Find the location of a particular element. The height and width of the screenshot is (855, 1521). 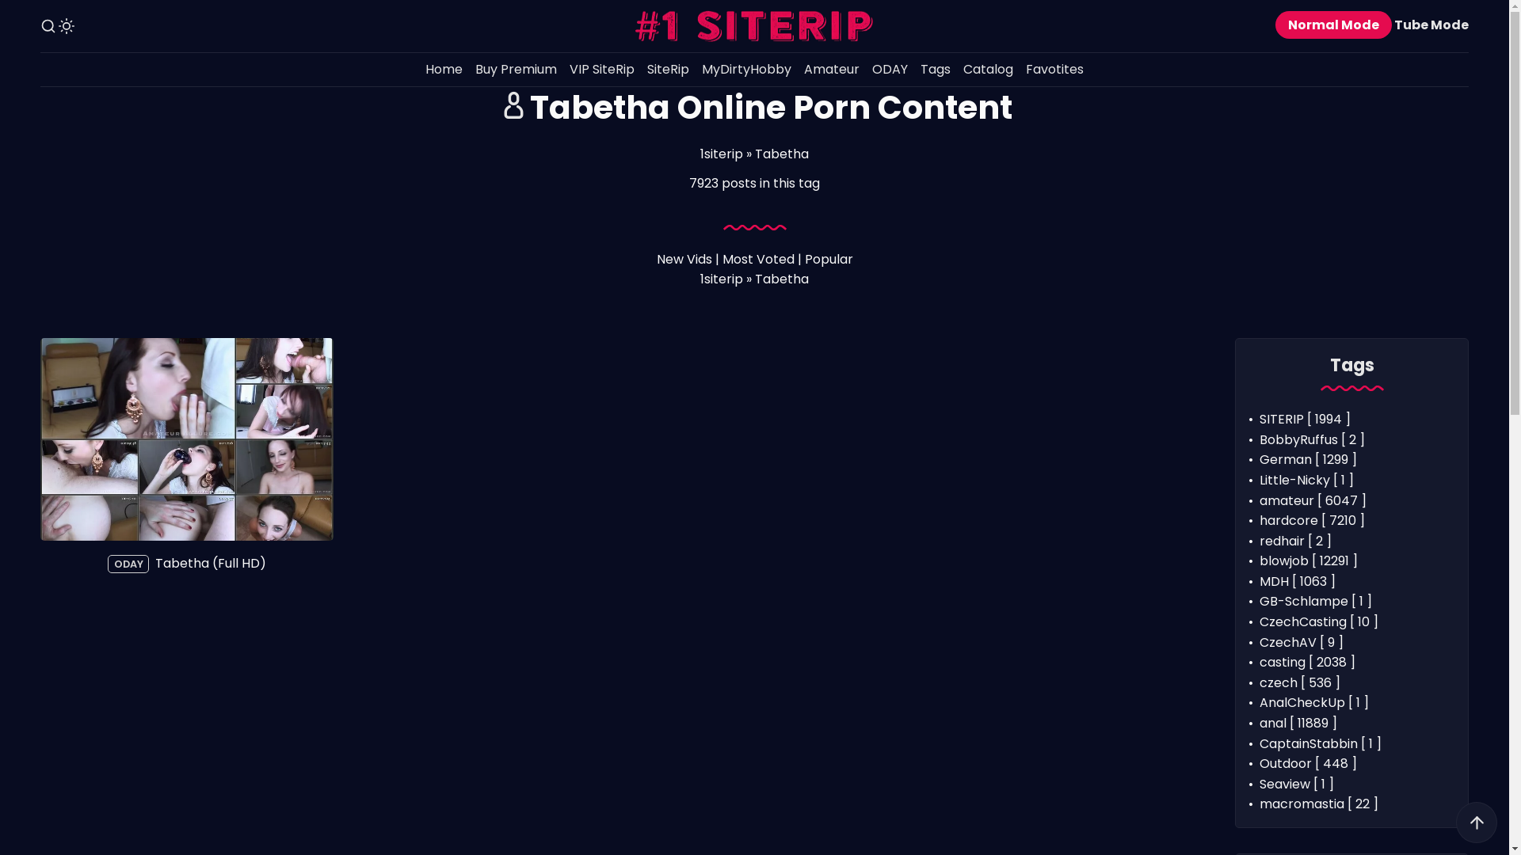

'1siterip' is located at coordinates (721, 154).